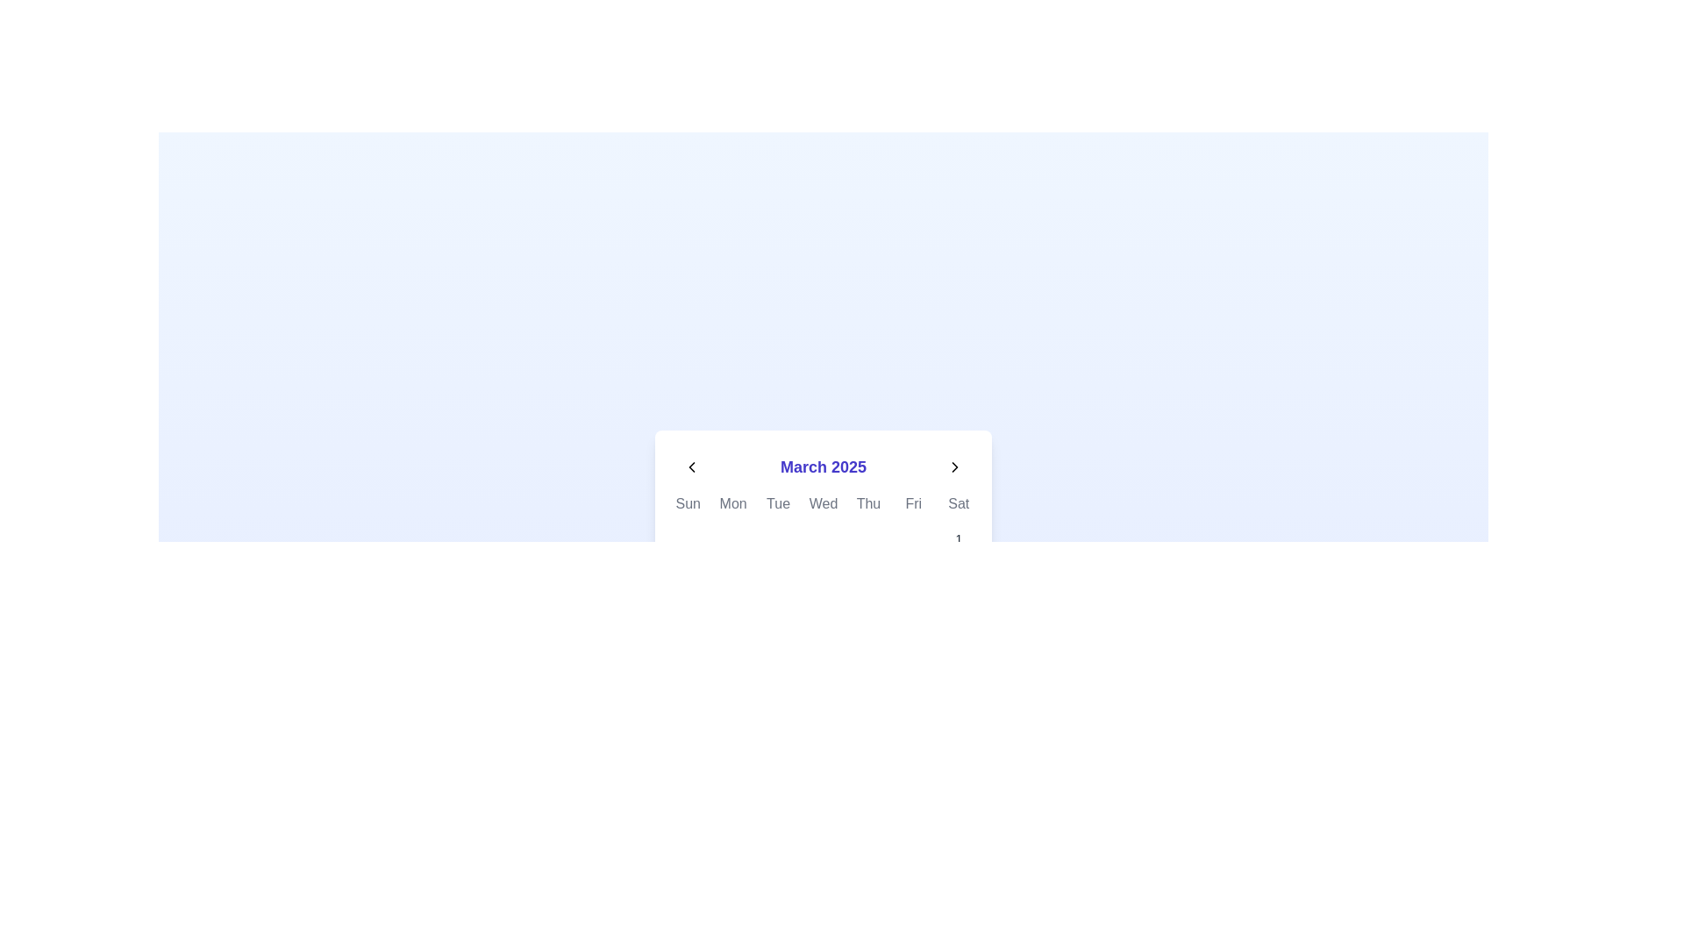  What do you see at coordinates (690, 466) in the screenshot?
I see `the 'Previous' button located on the leftmost side of the calendar header` at bounding box center [690, 466].